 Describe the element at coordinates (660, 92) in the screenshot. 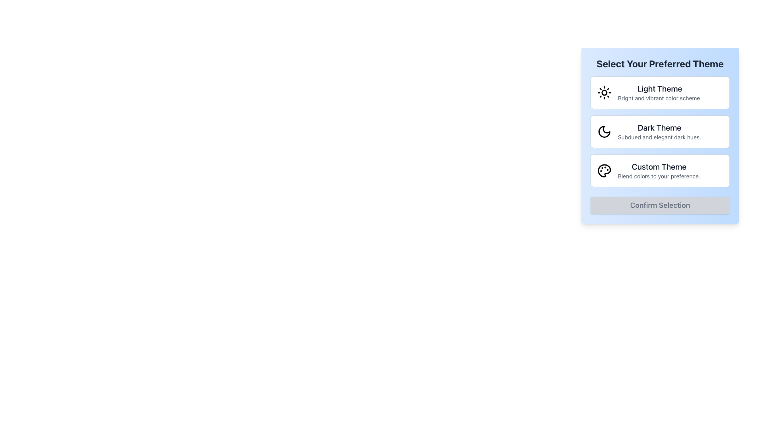

I see `textual content that describes the 'Light Theme' option, which is the first choice in the selectable theme options, located next to a sun icon` at that location.